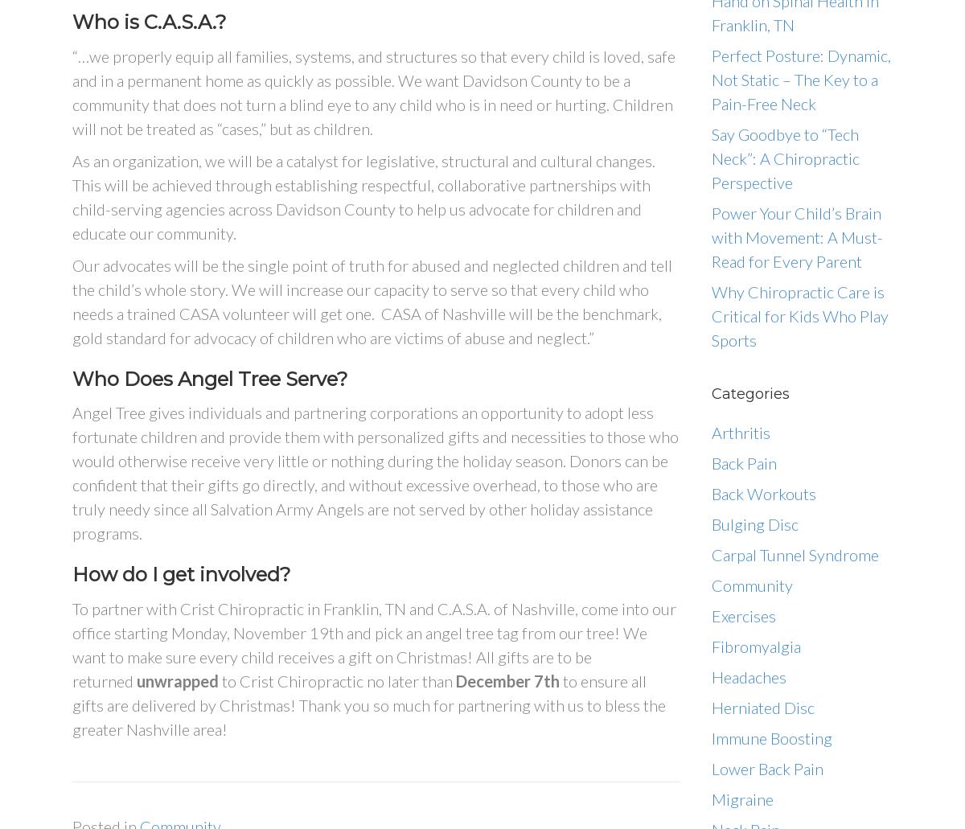 The image size is (965, 829). I want to click on 'Lower Back Pain', so click(767, 768).